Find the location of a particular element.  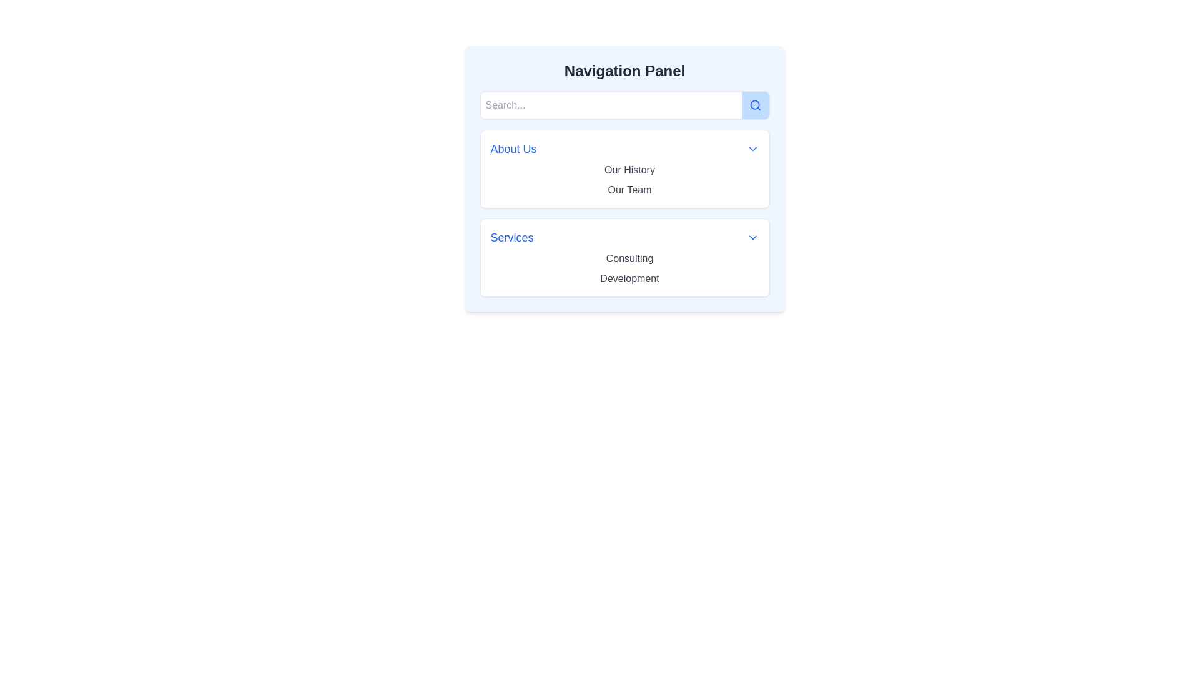

the chevron icon located at the far right of the 'About Us' navigation entry is located at coordinates (752, 149).